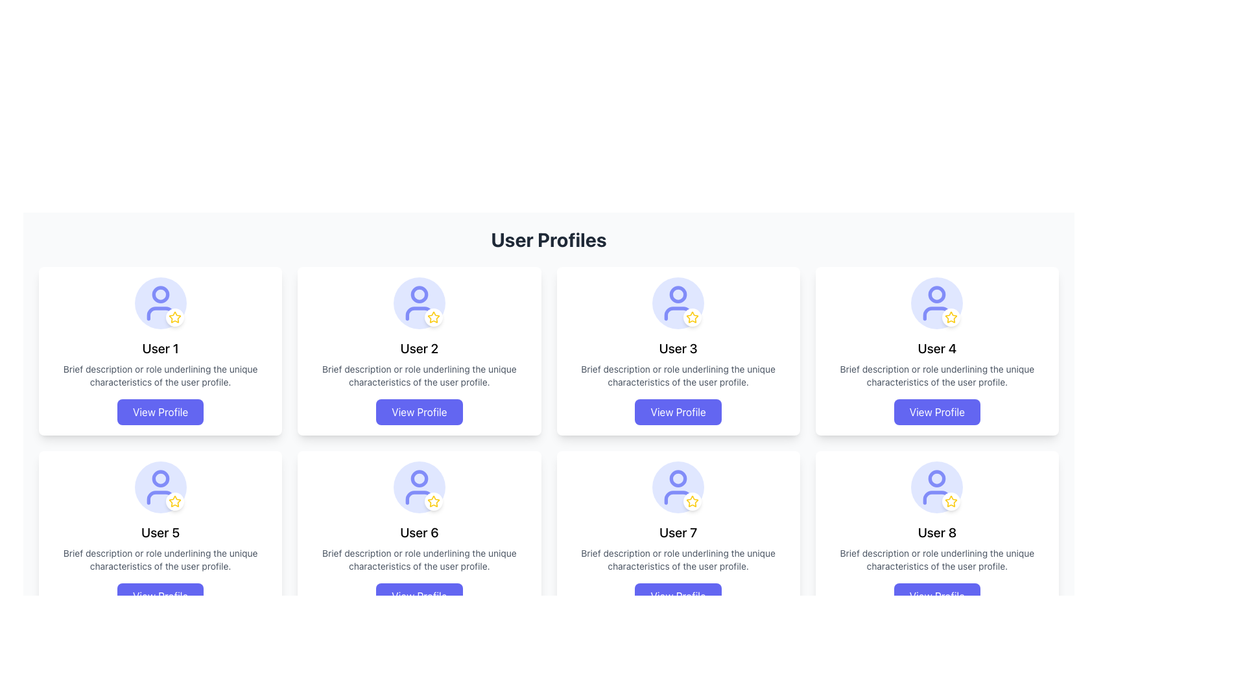 The image size is (1245, 700). I want to click on the text label containing the phrase 'Brief description or role underlining the unique characteristics of the user profile,' which is positioned beneath 'User 8' and above the 'View Profile' button in the user profile card, so click(937, 559).